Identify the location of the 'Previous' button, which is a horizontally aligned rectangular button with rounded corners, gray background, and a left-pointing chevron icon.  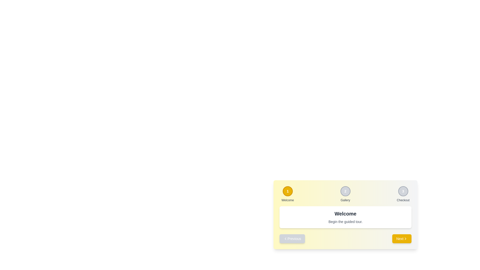
(292, 238).